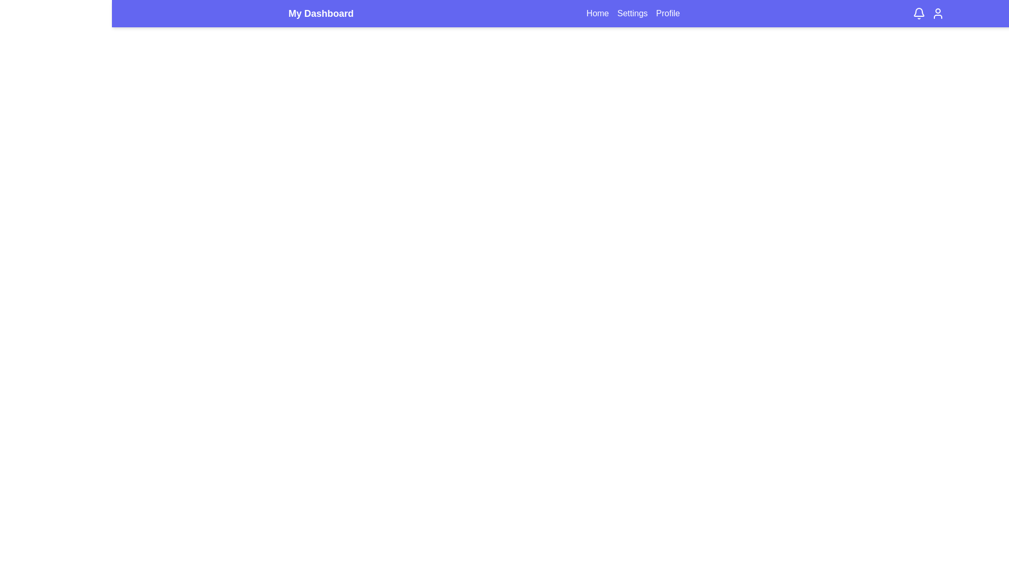 Image resolution: width=1009 pixels, height=567 pixels. Describe the element at coordinates (667, 14) in the screenshot. I see `the 'Profile' button located in the top-right corner of the navigation bar` at that location.